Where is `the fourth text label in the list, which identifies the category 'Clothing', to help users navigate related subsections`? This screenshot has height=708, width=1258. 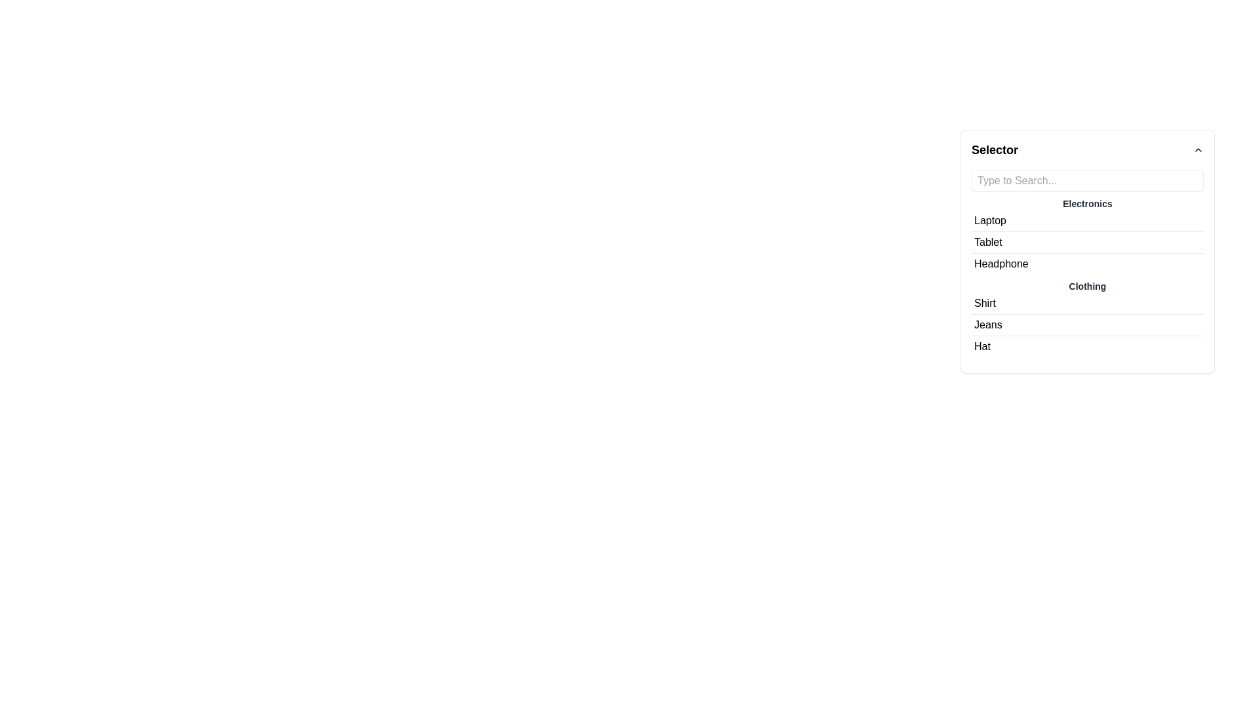 the fourth text label in the list, which identifies the category 'Clothing', to help users navigate related subsections is located at coordinates (1088, 277).